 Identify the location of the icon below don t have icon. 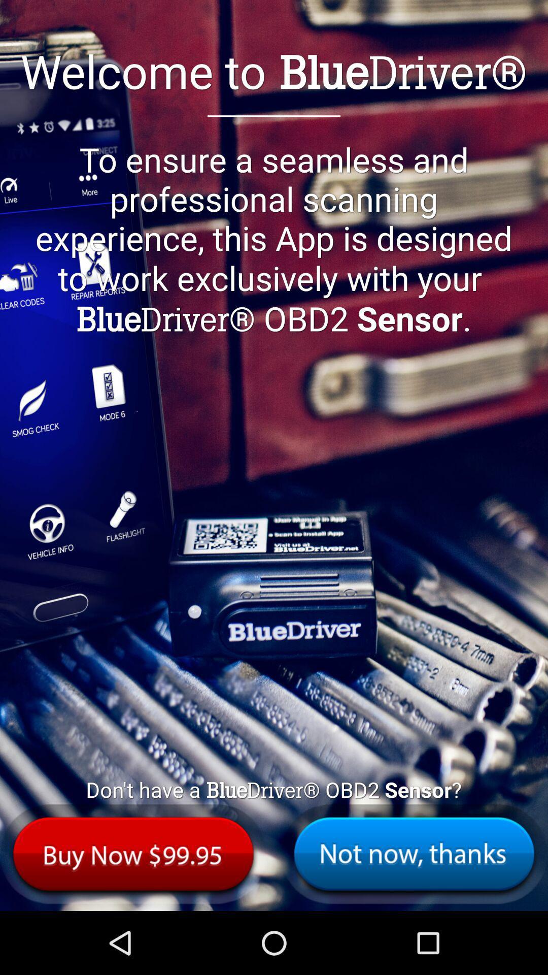
(414, 853).